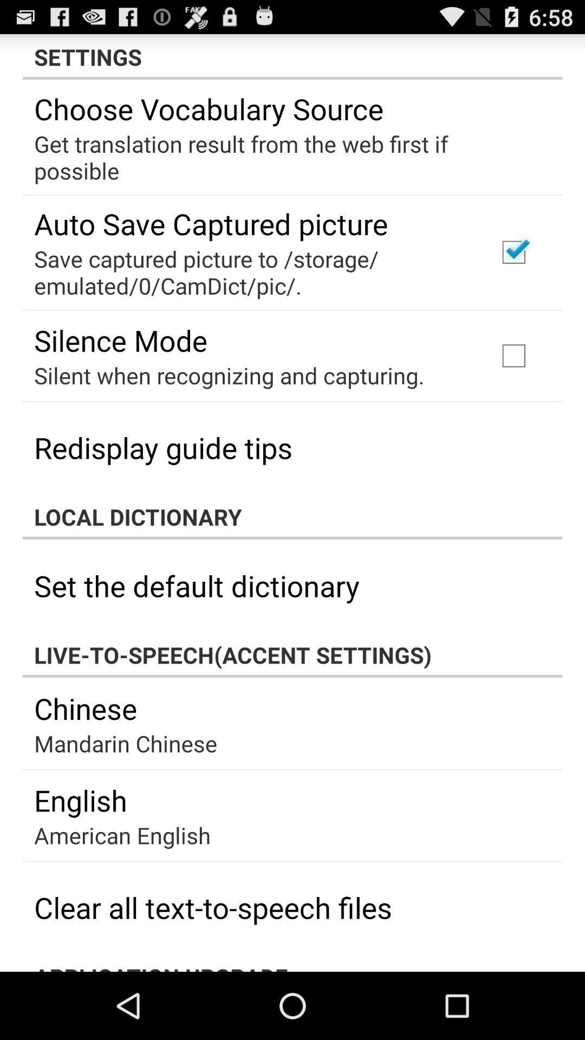 This screenshot has width=585, height=1040. What do you see at coordinates (292, 963) in the screenshot?
I see `the app below the clear all text` at bounding box center [292, 963].